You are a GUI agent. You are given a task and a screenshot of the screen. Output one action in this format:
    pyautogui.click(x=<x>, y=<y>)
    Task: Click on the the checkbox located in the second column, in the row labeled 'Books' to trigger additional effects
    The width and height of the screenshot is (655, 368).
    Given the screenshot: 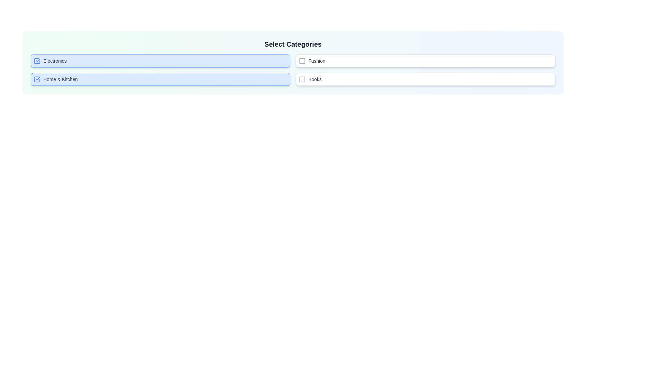 What is the action you would take?
    pyautogui.click(x=302, y=79)
    